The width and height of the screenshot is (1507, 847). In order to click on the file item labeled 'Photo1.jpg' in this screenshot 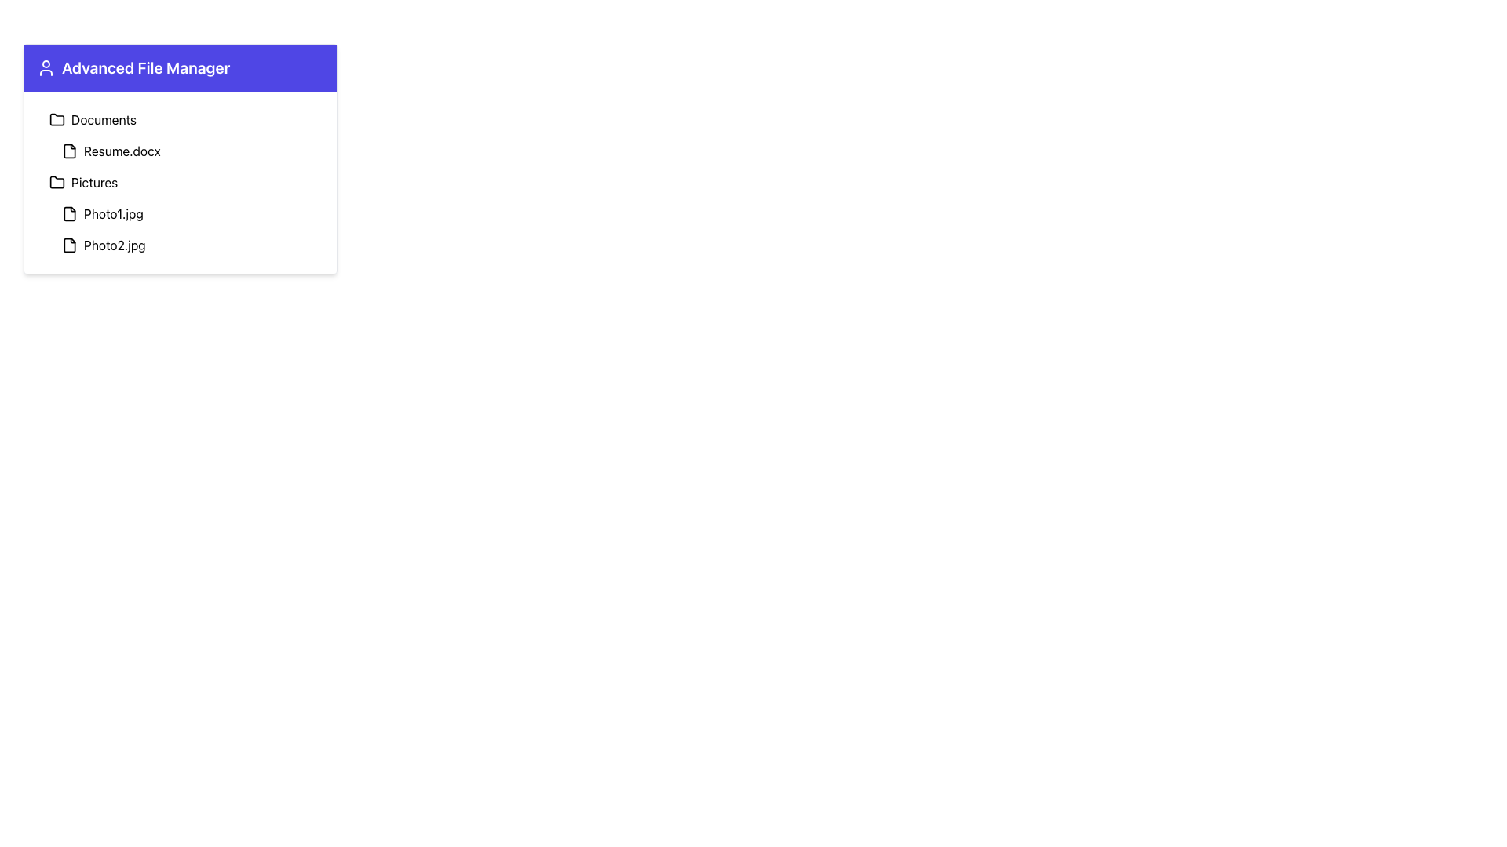, I will do `click(187, 214)`.